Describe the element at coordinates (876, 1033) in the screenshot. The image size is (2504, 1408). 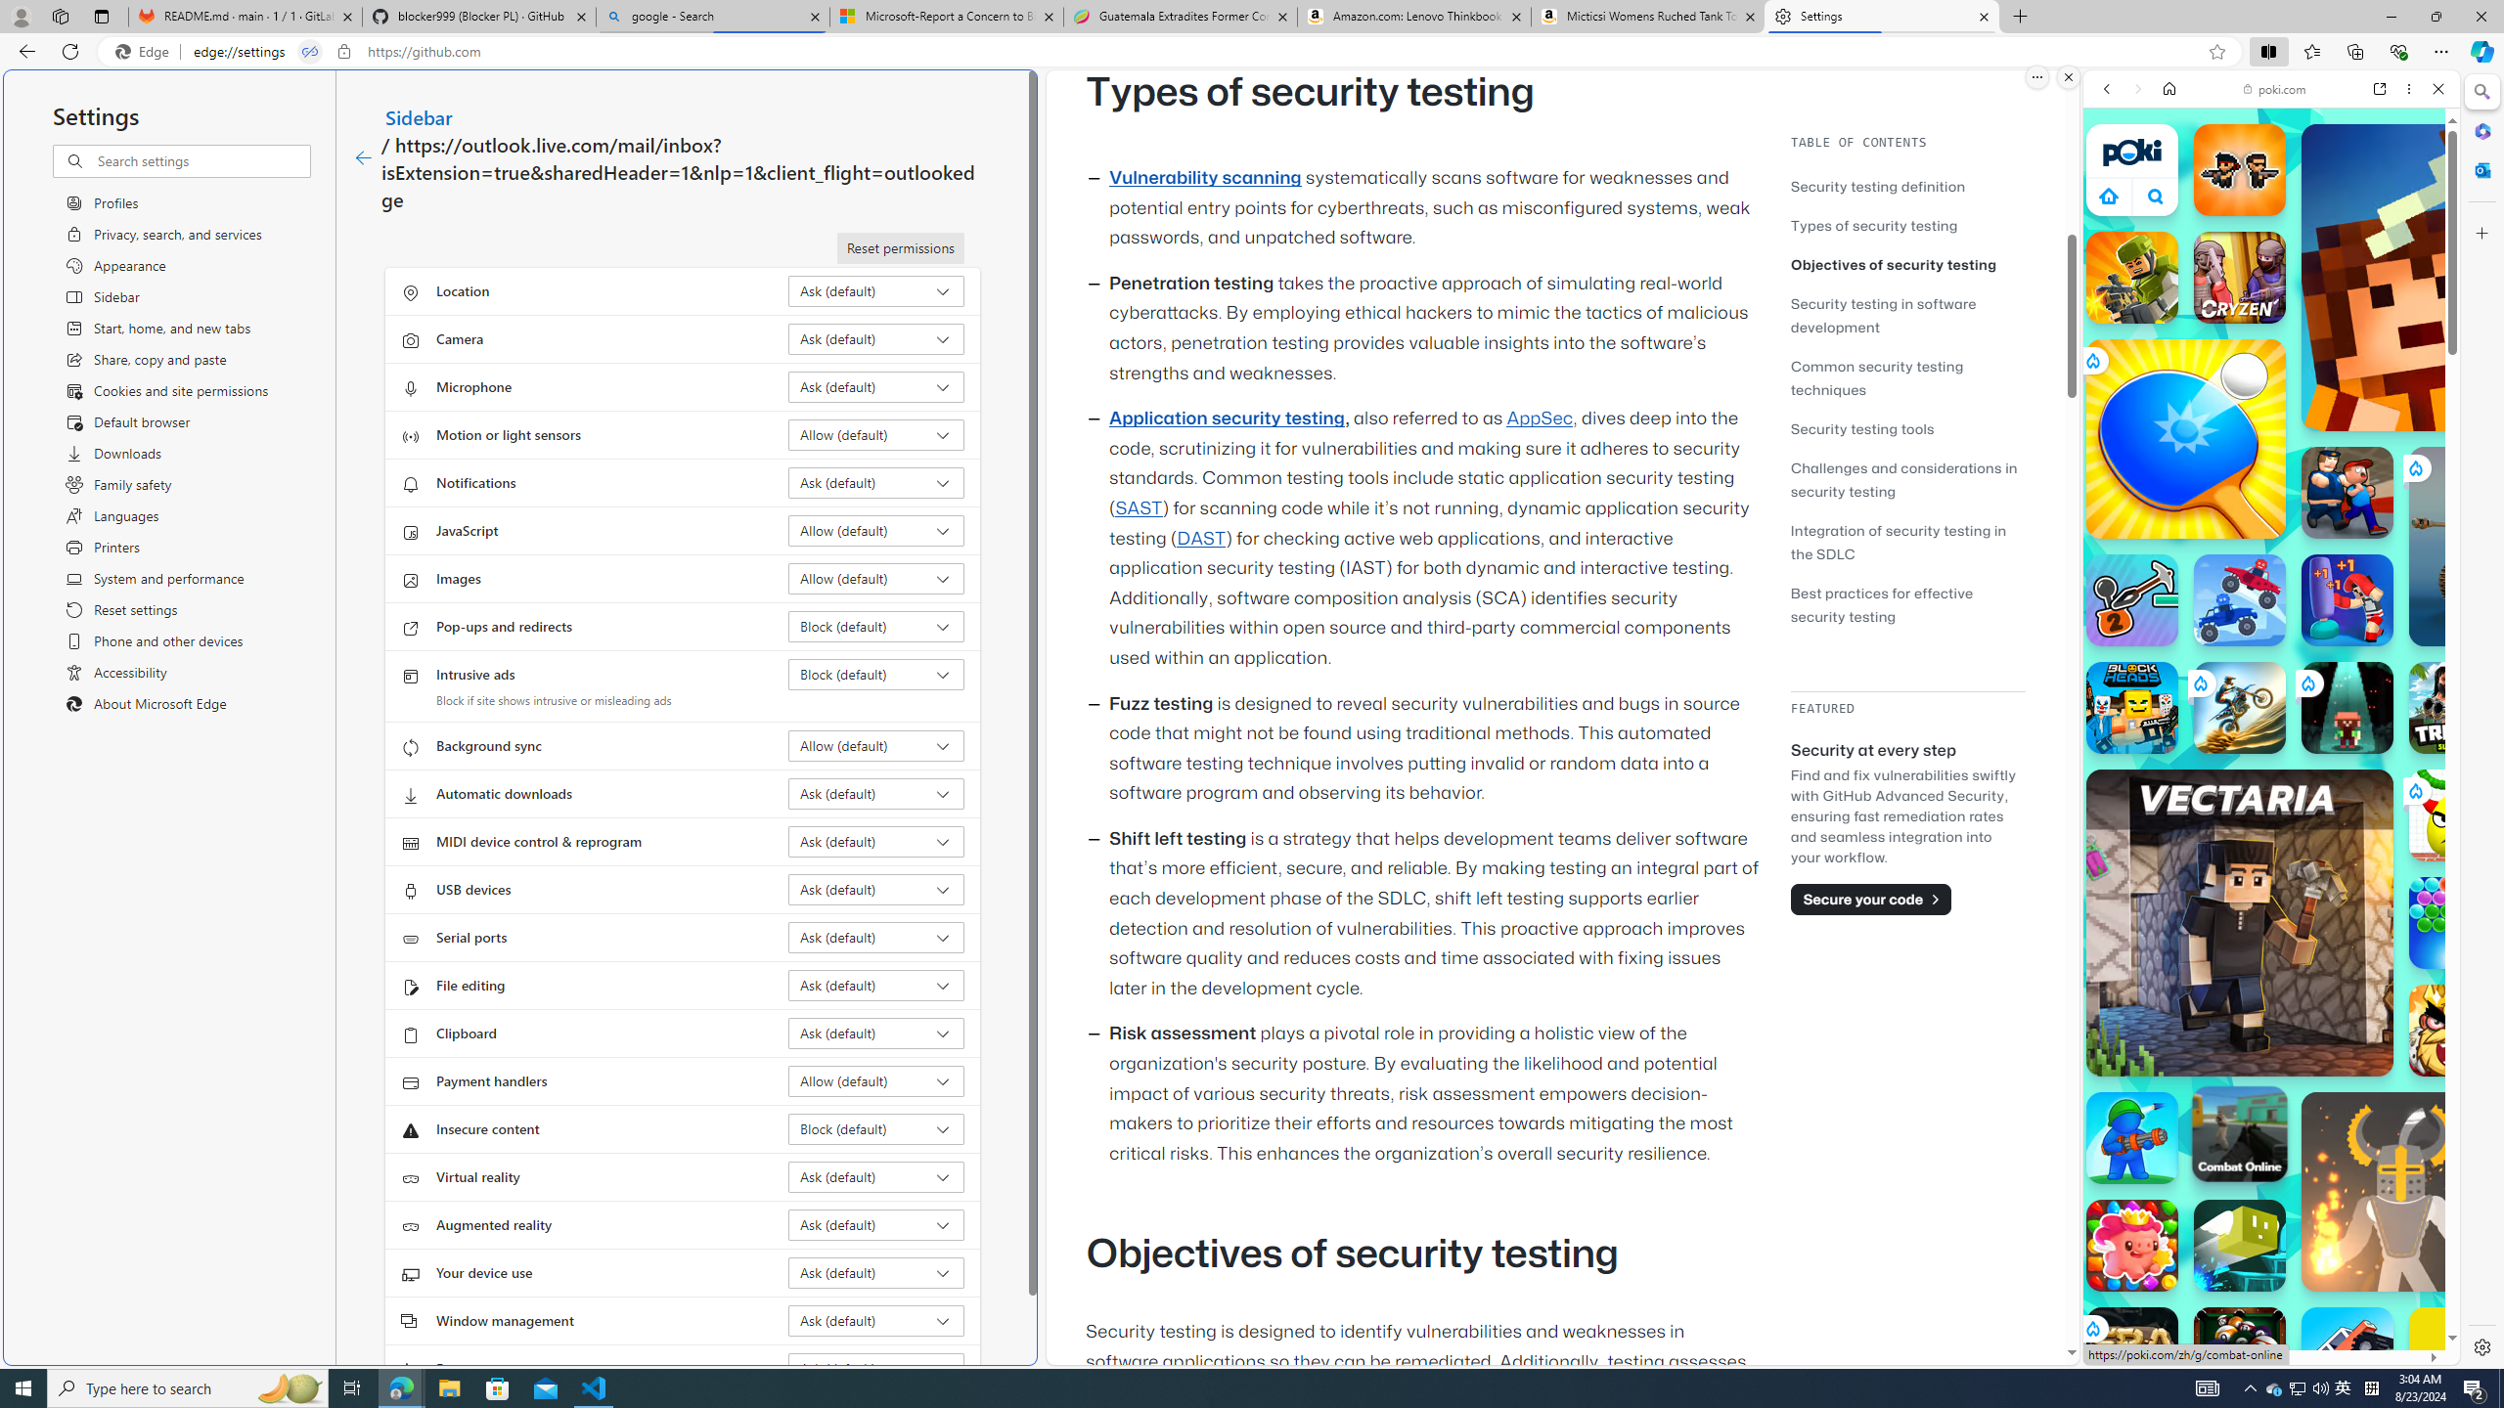
I see `'Clipboard Ask (default)'` at that location.